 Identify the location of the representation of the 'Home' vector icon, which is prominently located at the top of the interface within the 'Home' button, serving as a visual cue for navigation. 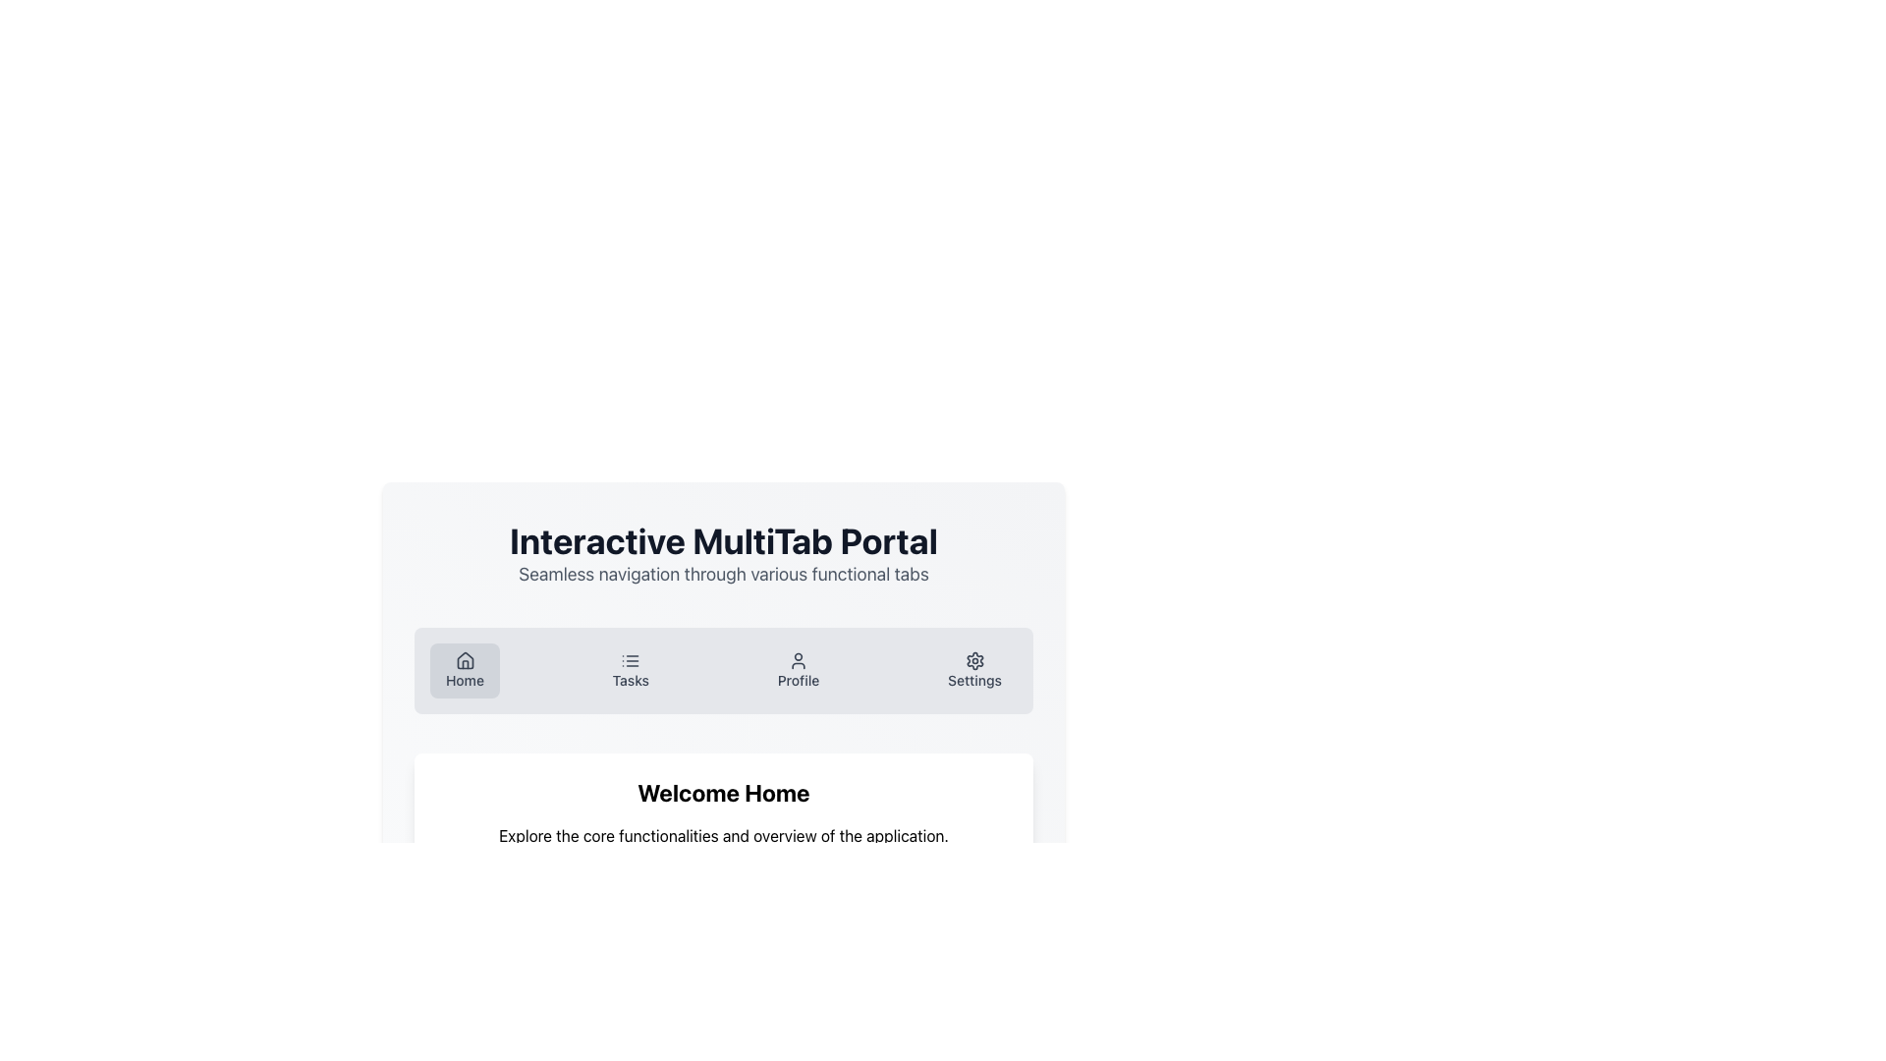
(464, 660).